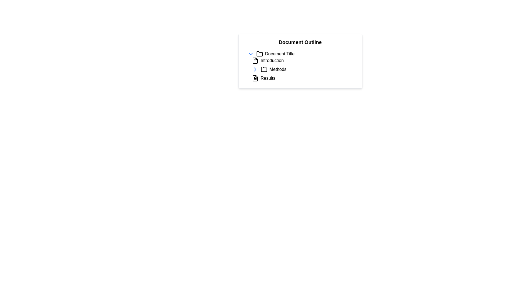  I want to click on the 'Introduction' icon in the Document Outline, so click(255, 61).